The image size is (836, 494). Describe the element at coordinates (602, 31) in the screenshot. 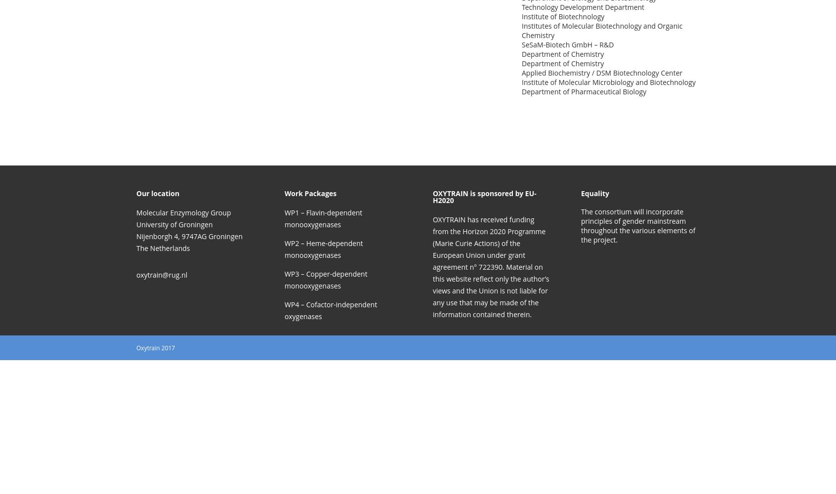

I see `'Institutes of Molecular Biotechnology and Organic Chemistry'` at that location.